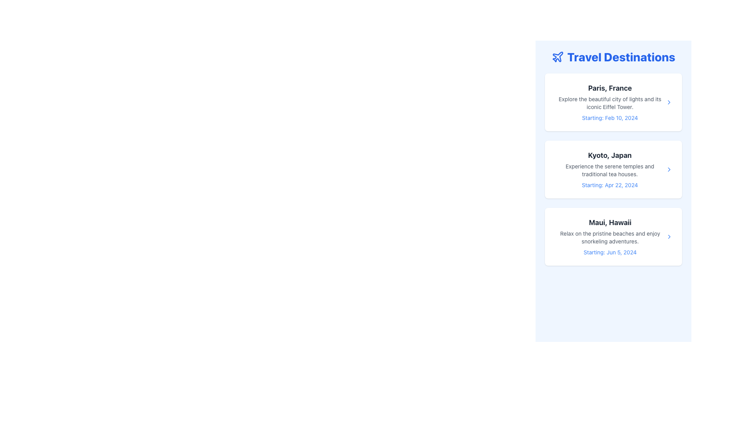 Image resolution: width=750 pixels, height=422 pixels. Describe the element at coordinates (669, 102) in the screenshot. I see `the Chevron Icon located to the right of the 'Paris, France' text` at that location.